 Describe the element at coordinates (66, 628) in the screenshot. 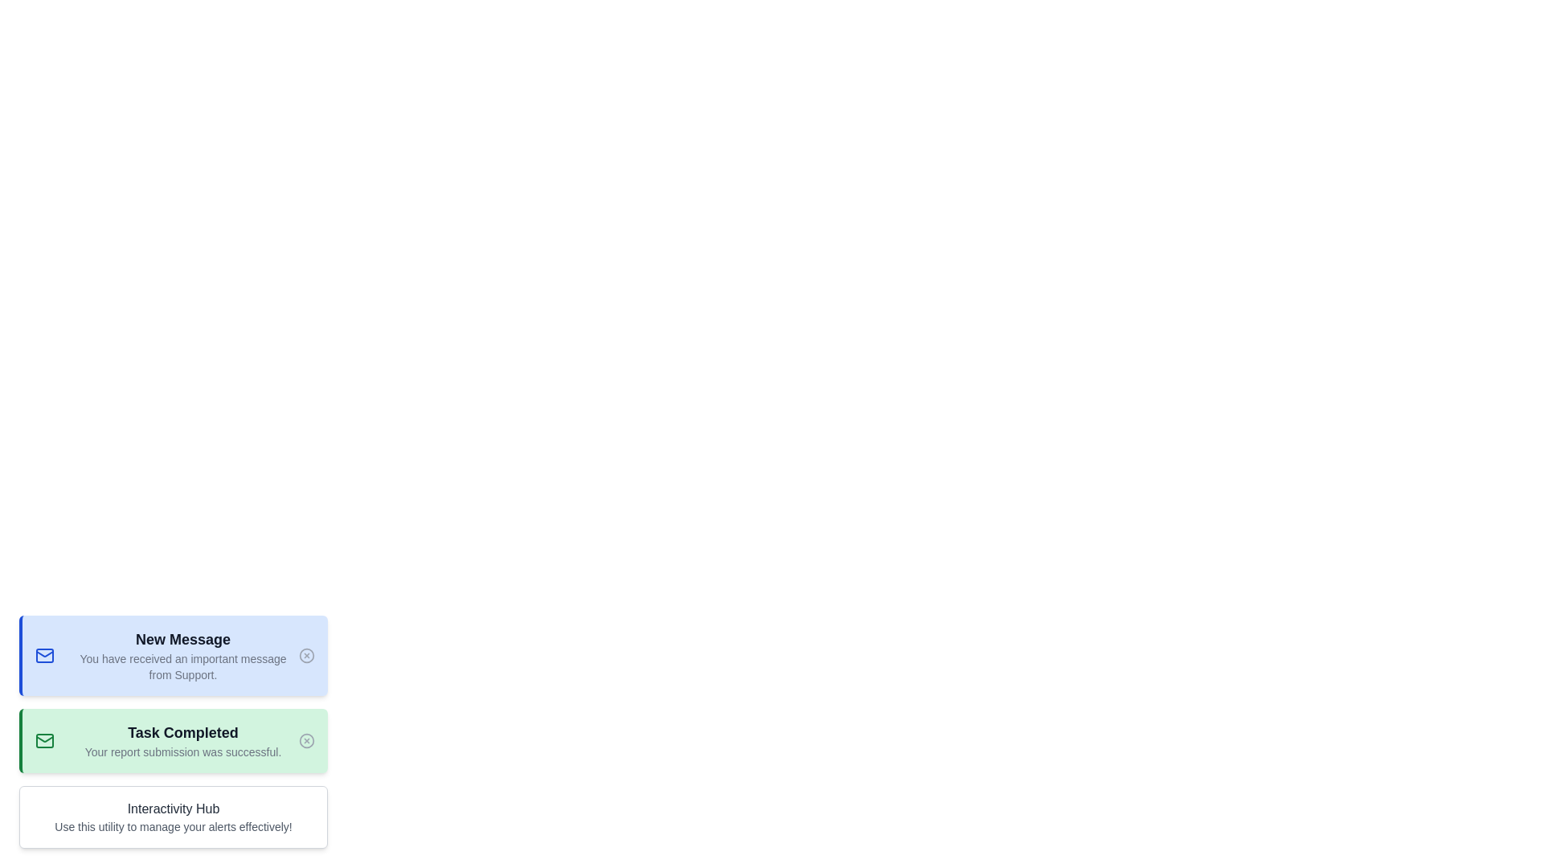

I see `the text content of the 'New Message' alert` at that location.